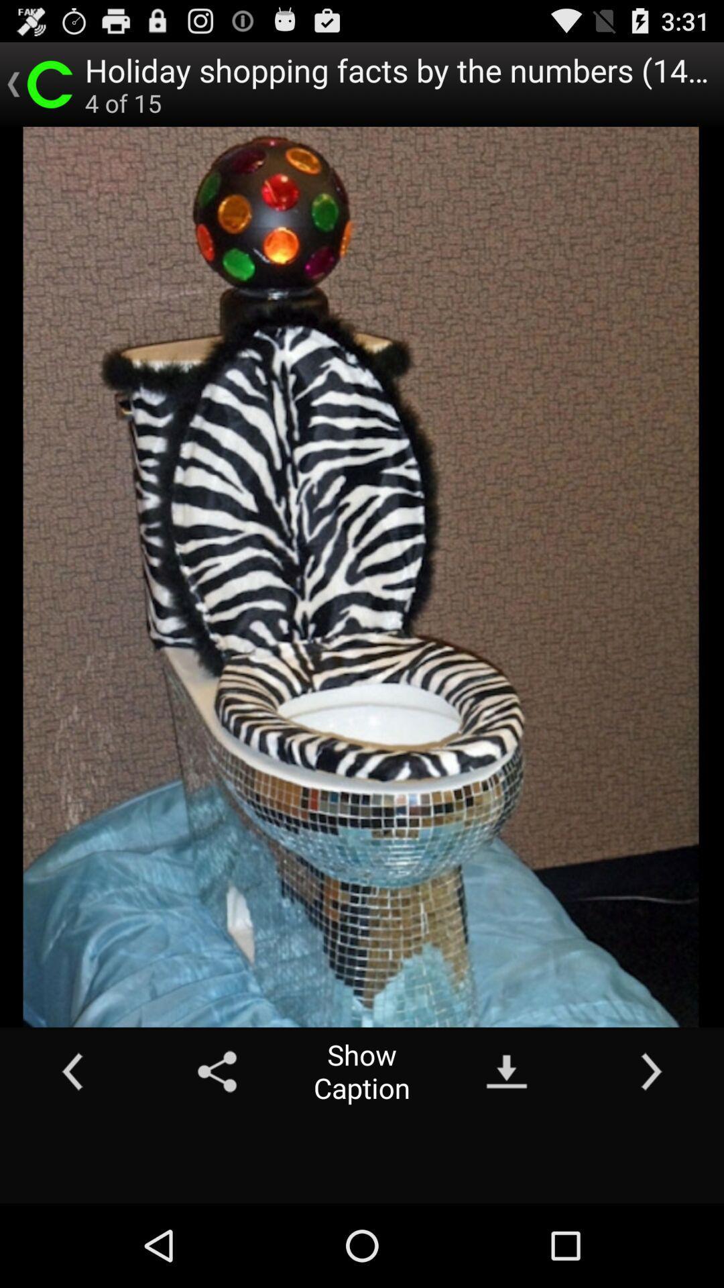  What do you see at coordinates (217, 1146) in the screenshot?
I see `the share icon` at bounding box center [217, 1146].